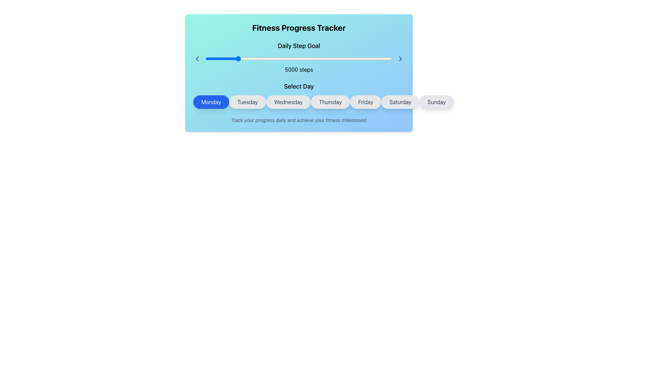 This screenshot has width=650, height=365. I want to click on the step goal, so click(351, 58).